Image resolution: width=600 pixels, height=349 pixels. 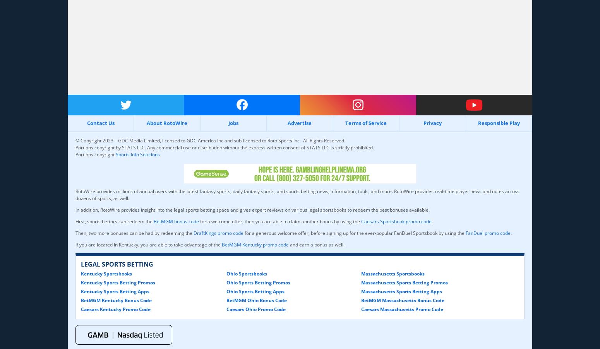 I want to click on 'and earn a bonus as well.', so click(x=316, y=244).